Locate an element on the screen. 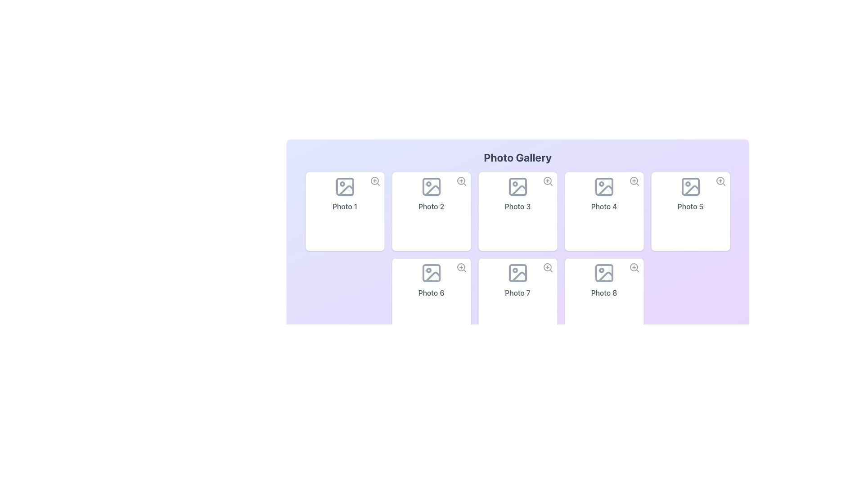 This screenshot has width=864, height=486. the zoom-in icon (magnifying glass with plus sign) located at the upper-right corner of the 'Photo 1' card is located at coordinates (375, 181).